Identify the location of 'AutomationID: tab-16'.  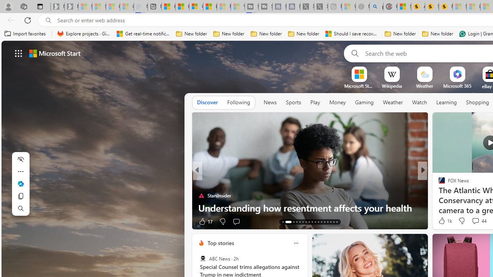
(296, 222).